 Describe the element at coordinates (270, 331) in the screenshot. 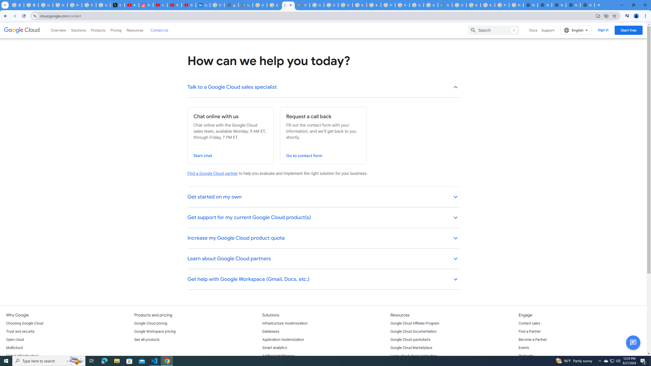

I see `'Databases'` at that location.